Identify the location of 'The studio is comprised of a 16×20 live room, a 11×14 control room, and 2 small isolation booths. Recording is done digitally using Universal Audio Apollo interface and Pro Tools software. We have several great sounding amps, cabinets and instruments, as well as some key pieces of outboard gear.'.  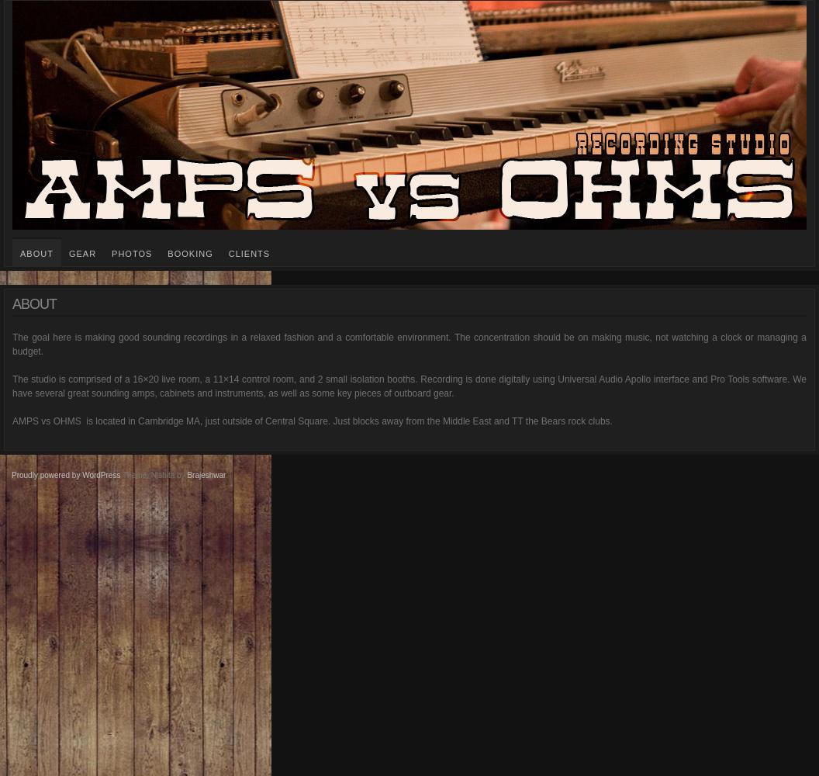
(409, 386).